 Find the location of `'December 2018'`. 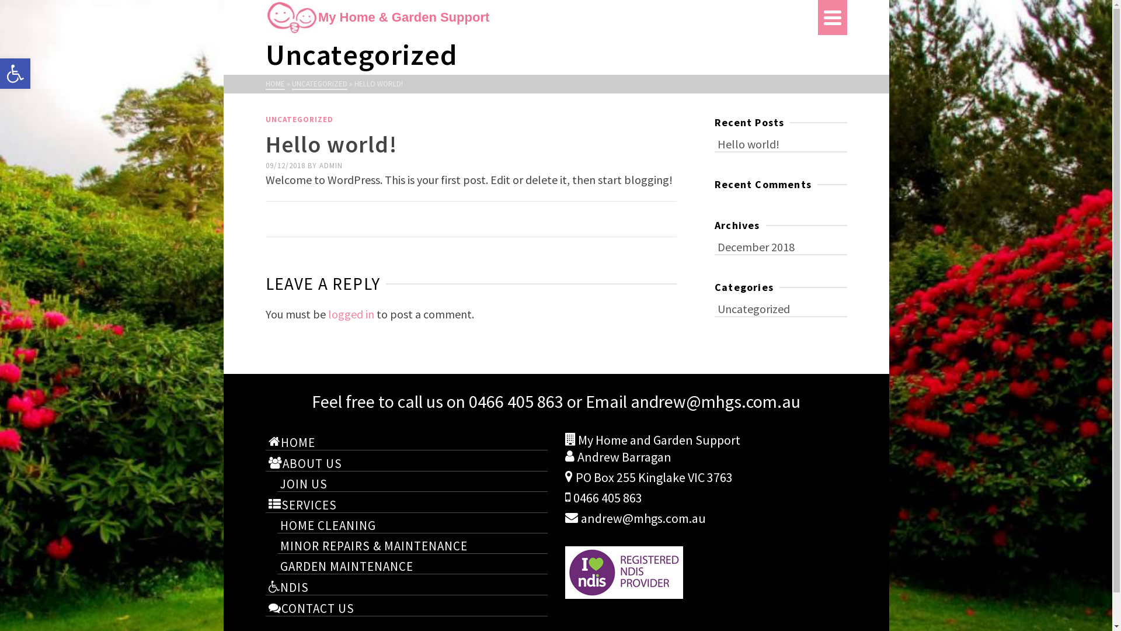

'December 2018' is located at coordinates (781, 245).